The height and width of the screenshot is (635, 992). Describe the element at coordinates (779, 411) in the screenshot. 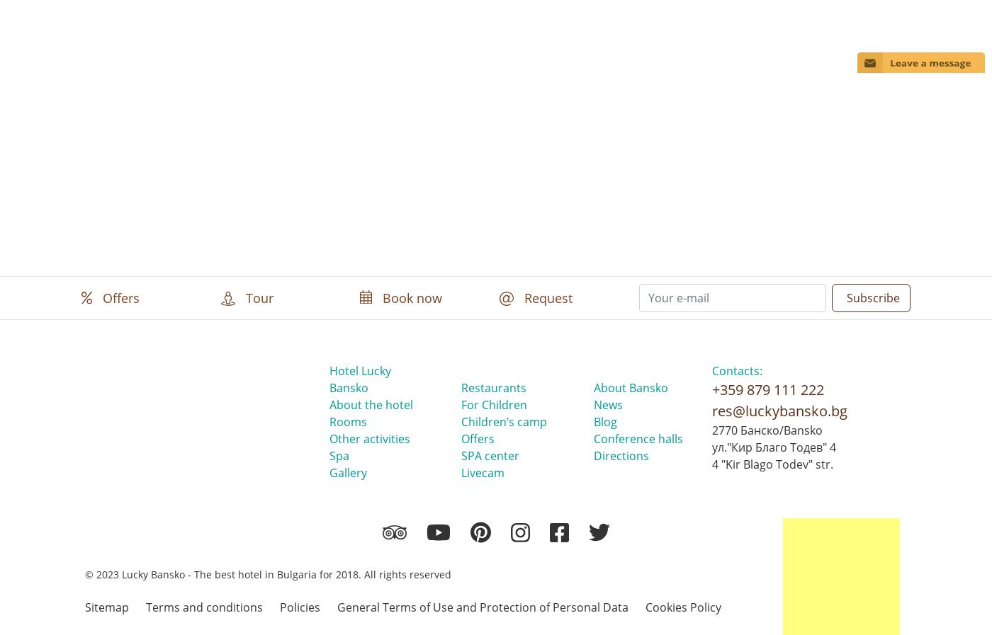

I see `'res@luckybansko.bg'` at that location.